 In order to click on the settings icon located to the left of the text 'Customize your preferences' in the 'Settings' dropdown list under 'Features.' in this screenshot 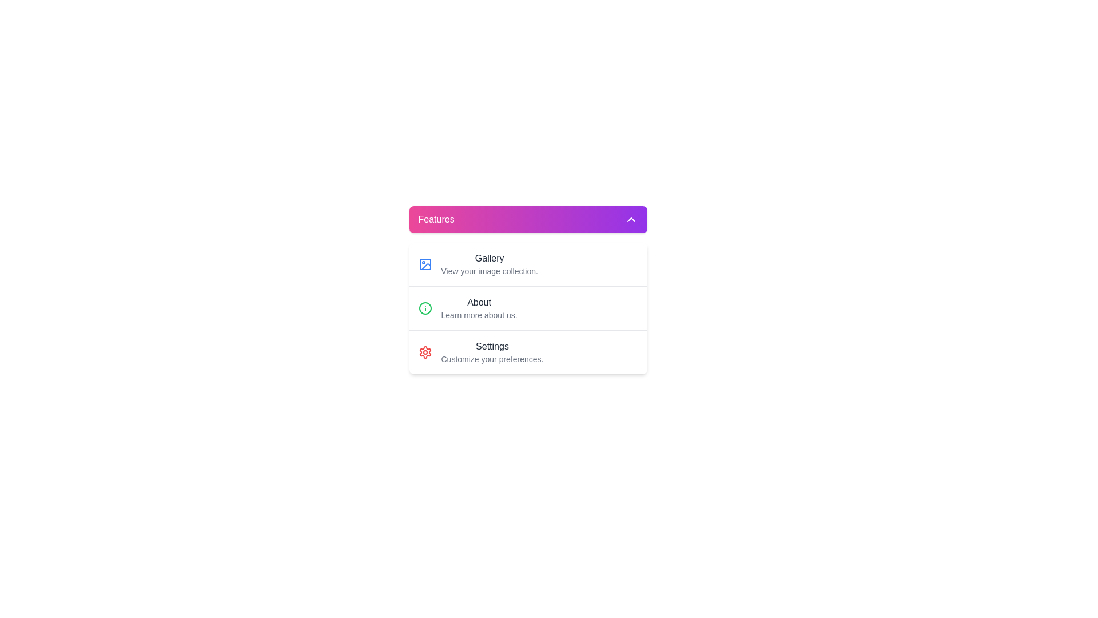, I will do `click(424, 352)`.